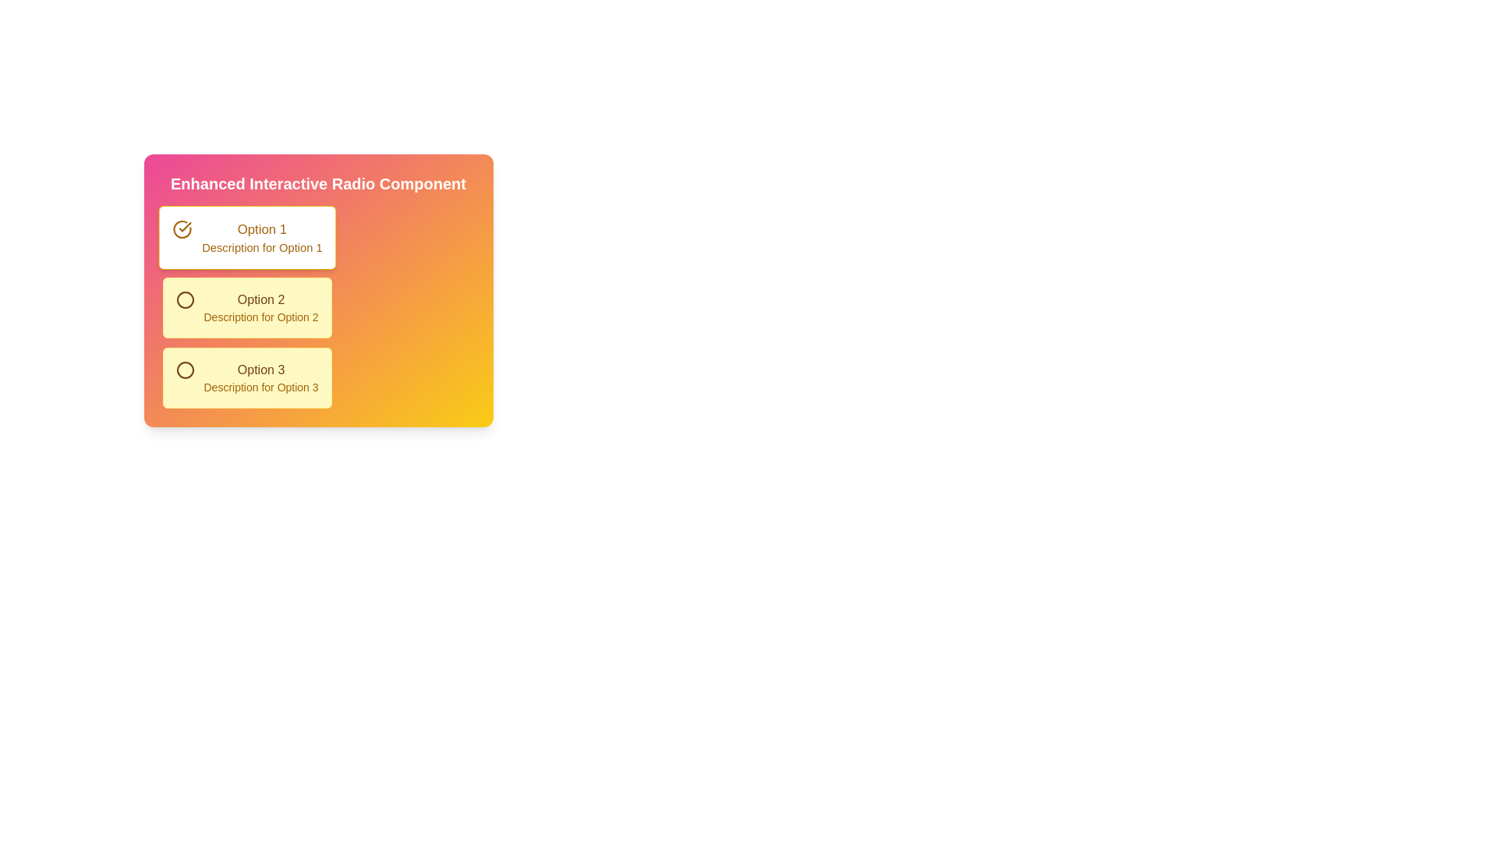 This screenshot has width=1497, height=842. I want to click on the Radio button indicator located in the third row of the vertically stacked radio button component, to the left of the 'Option 3' label, so click(185, 370).